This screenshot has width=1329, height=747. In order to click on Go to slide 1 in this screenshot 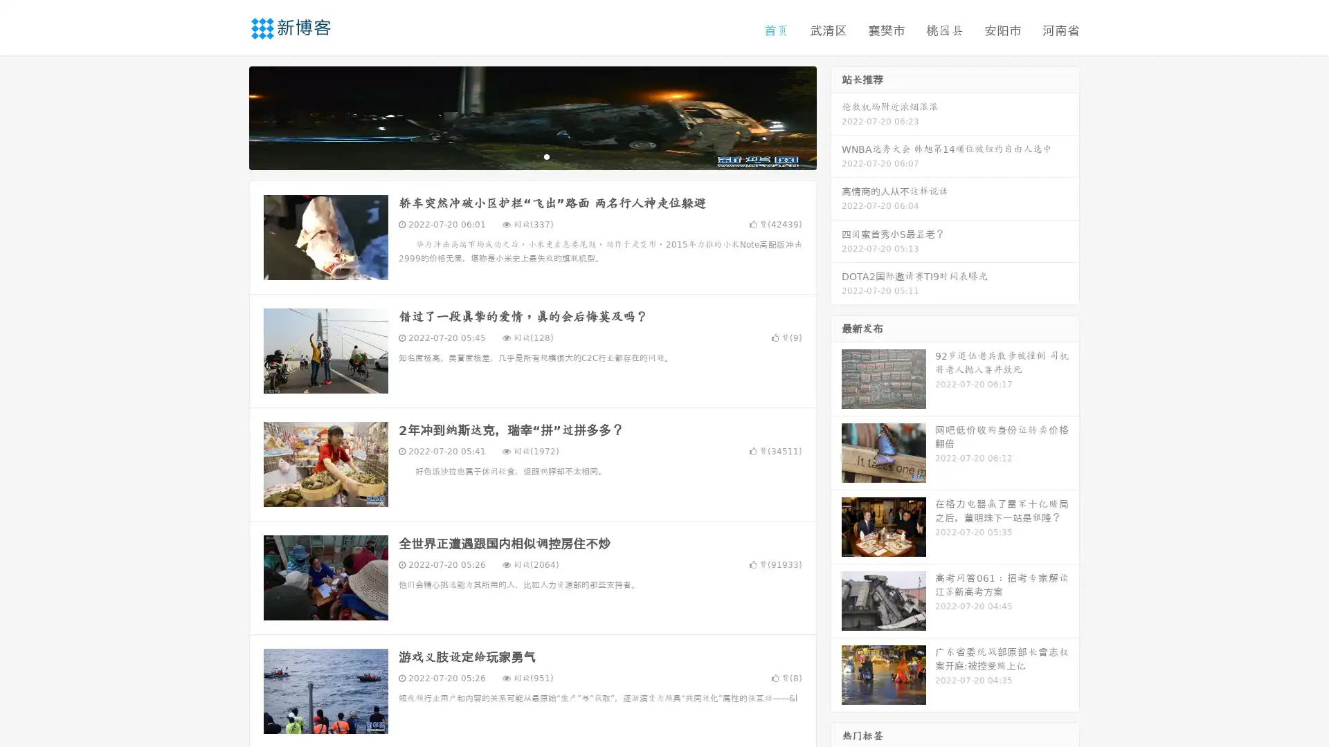, I will do `click(518, 156)`.